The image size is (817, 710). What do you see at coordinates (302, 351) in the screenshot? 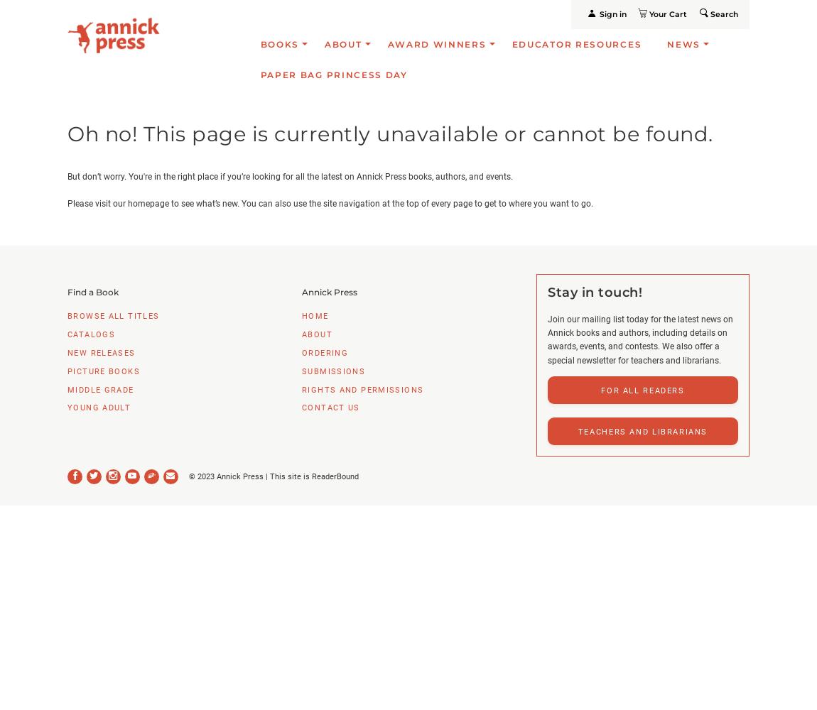
I see `'Ordering'` at bounding box center [302, 351].